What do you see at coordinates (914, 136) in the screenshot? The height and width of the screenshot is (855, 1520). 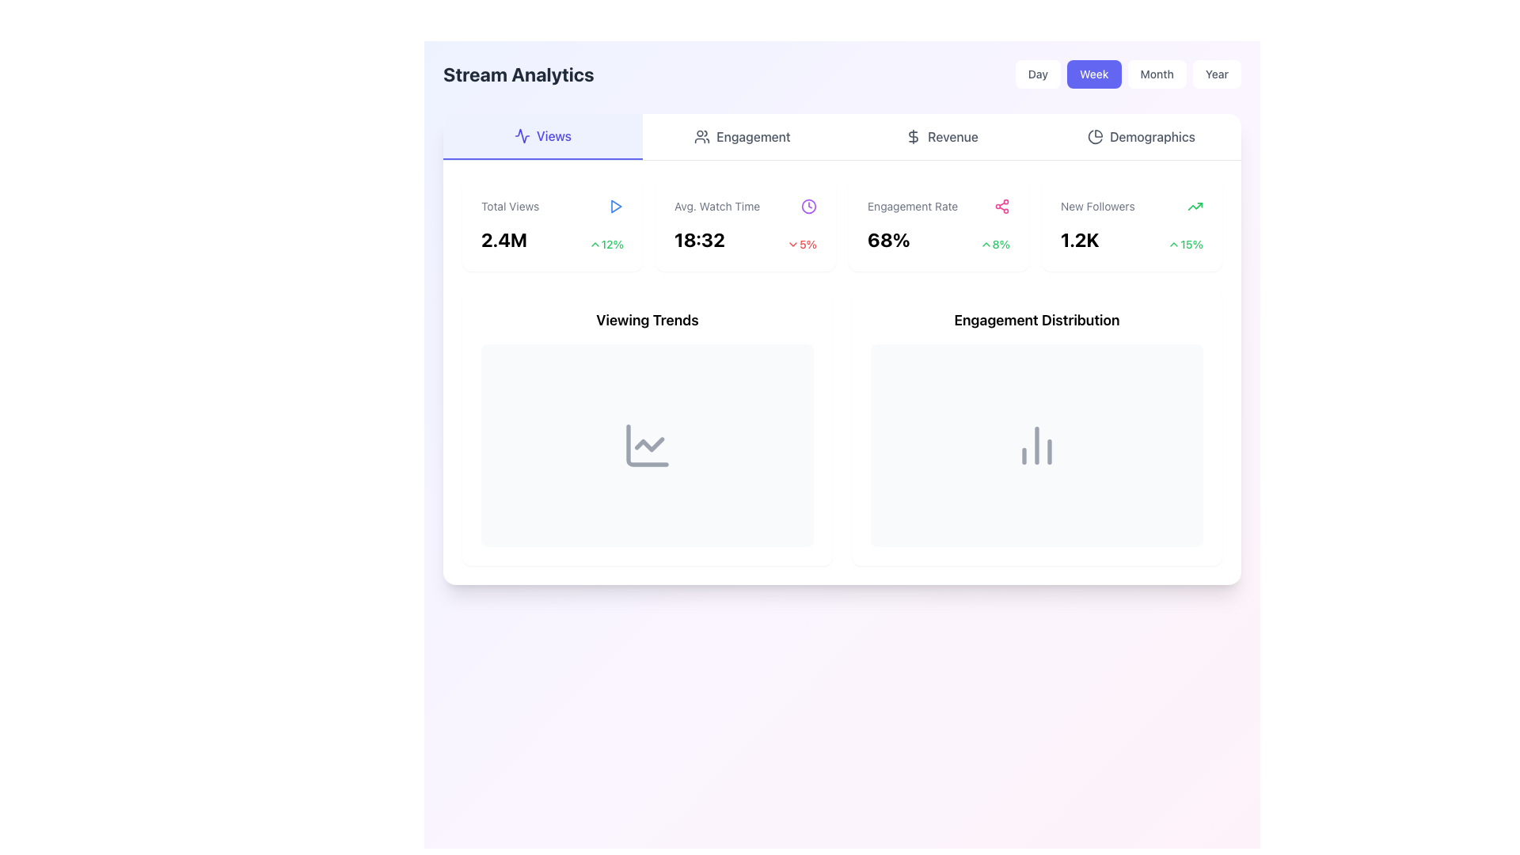 I see `the dollar sign icon located in the 'Revenue' tab of the top navigation bar, which is styled with a modern appearance and has a thin stroke line and rounded edges` at bounding box center [914, 136].